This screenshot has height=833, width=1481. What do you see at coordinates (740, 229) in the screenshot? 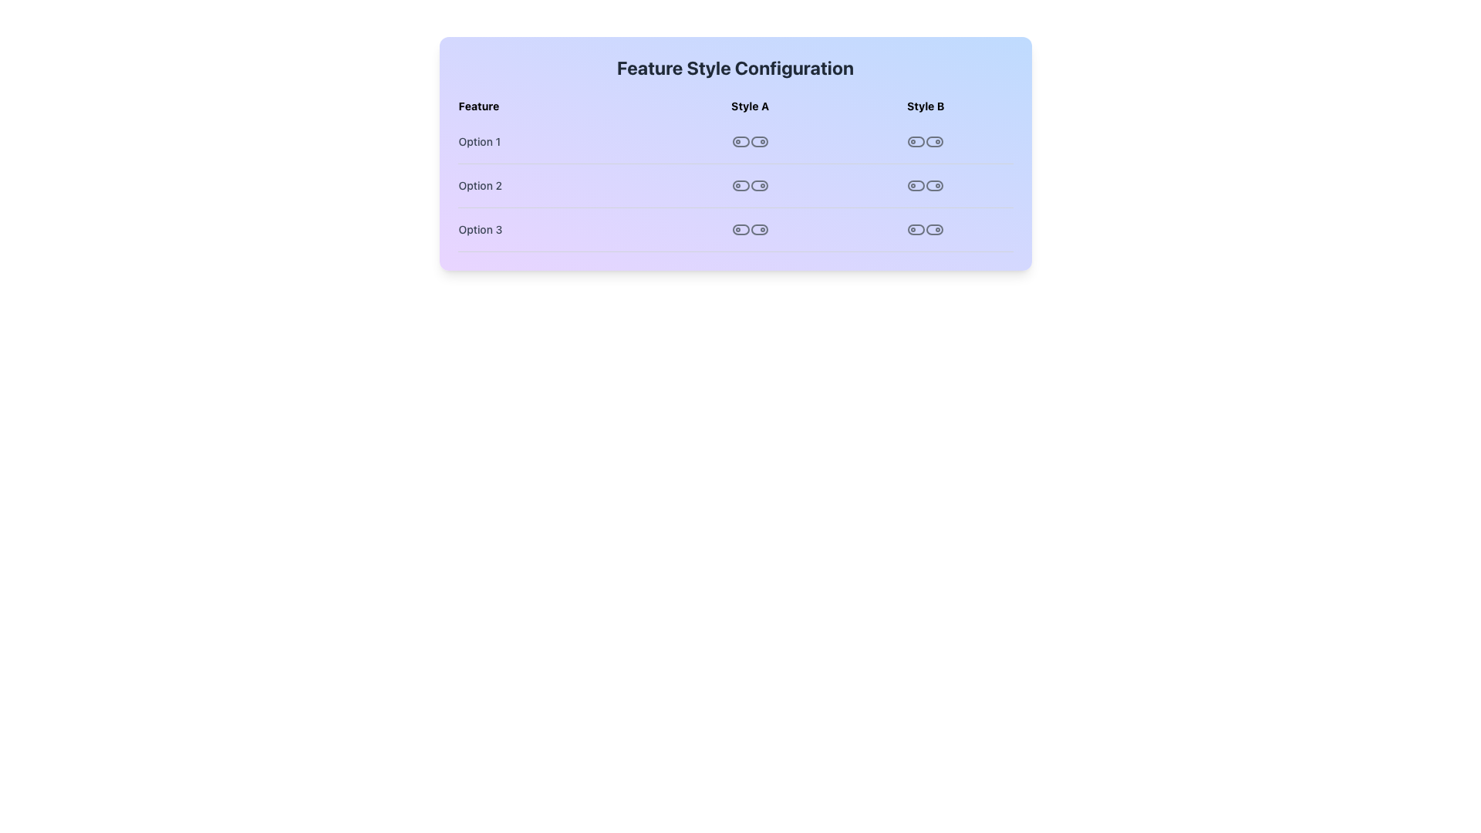
I see `the Toggle switch background located in the 'Style A' column under 'Option 3' in the 'Feature Style Configuration' table` at bounding box center [740, 229].